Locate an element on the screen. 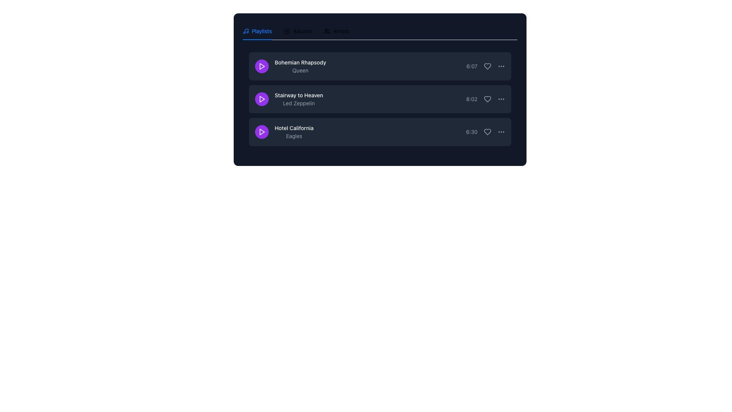 The width and height of the screenshot is (732, 412). the play button is located at coordinates (262, 98).